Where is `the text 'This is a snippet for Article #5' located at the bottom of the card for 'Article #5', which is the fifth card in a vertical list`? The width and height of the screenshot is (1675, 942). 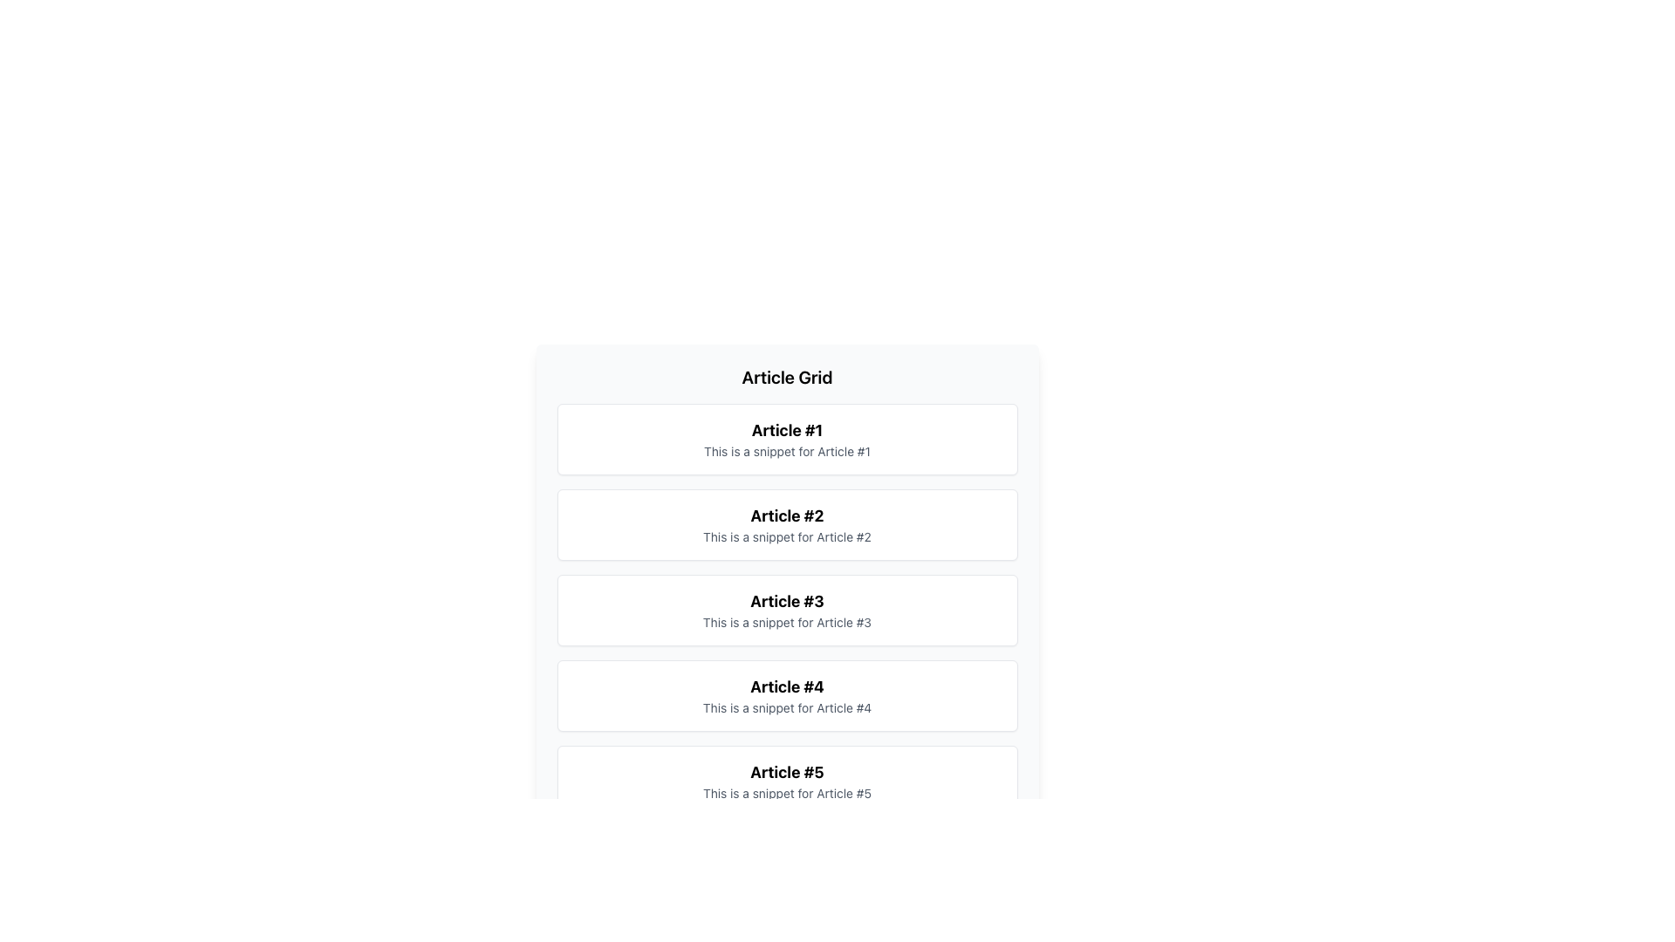
the text 'This is a snippet for Article #5' located at the bottom of the card for 'Article #5', which is the fifth card in a vertical list is located at coordinates (786, 794).